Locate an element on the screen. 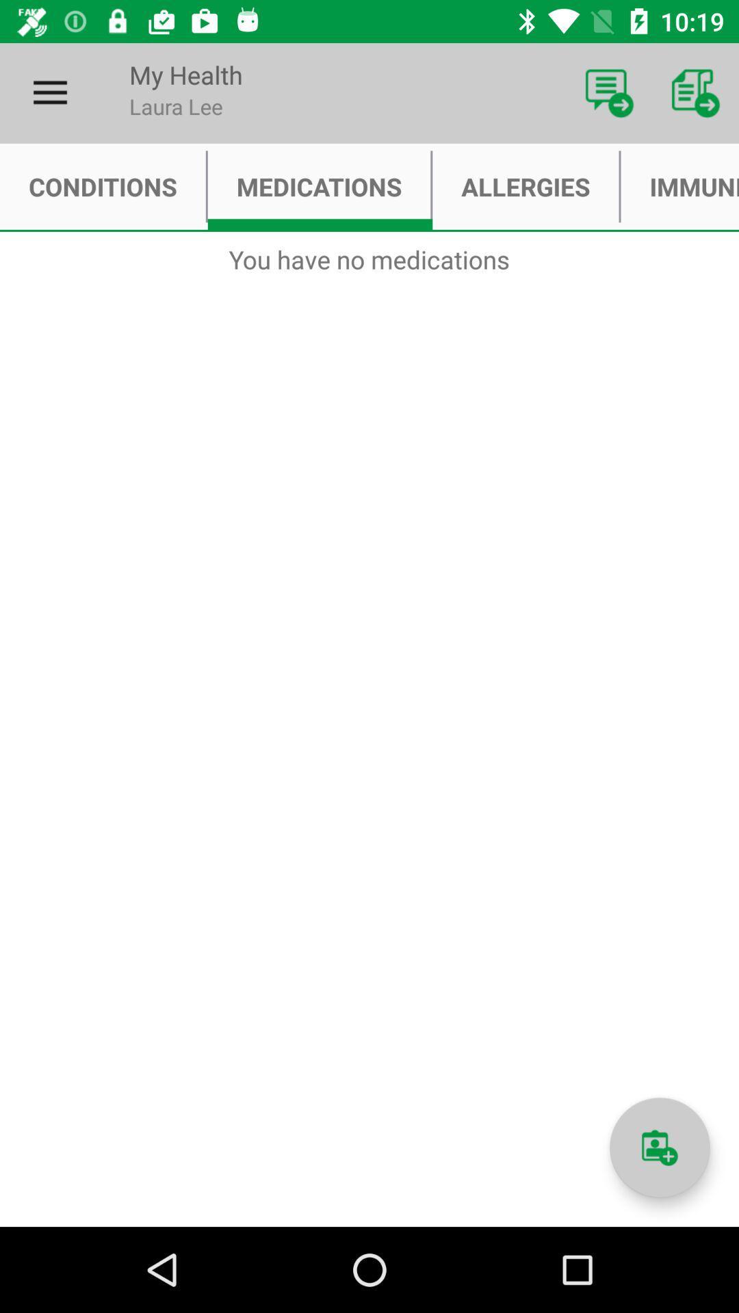 The image size is (739, 1313). a prescription is located at coordinates (659, 1148).